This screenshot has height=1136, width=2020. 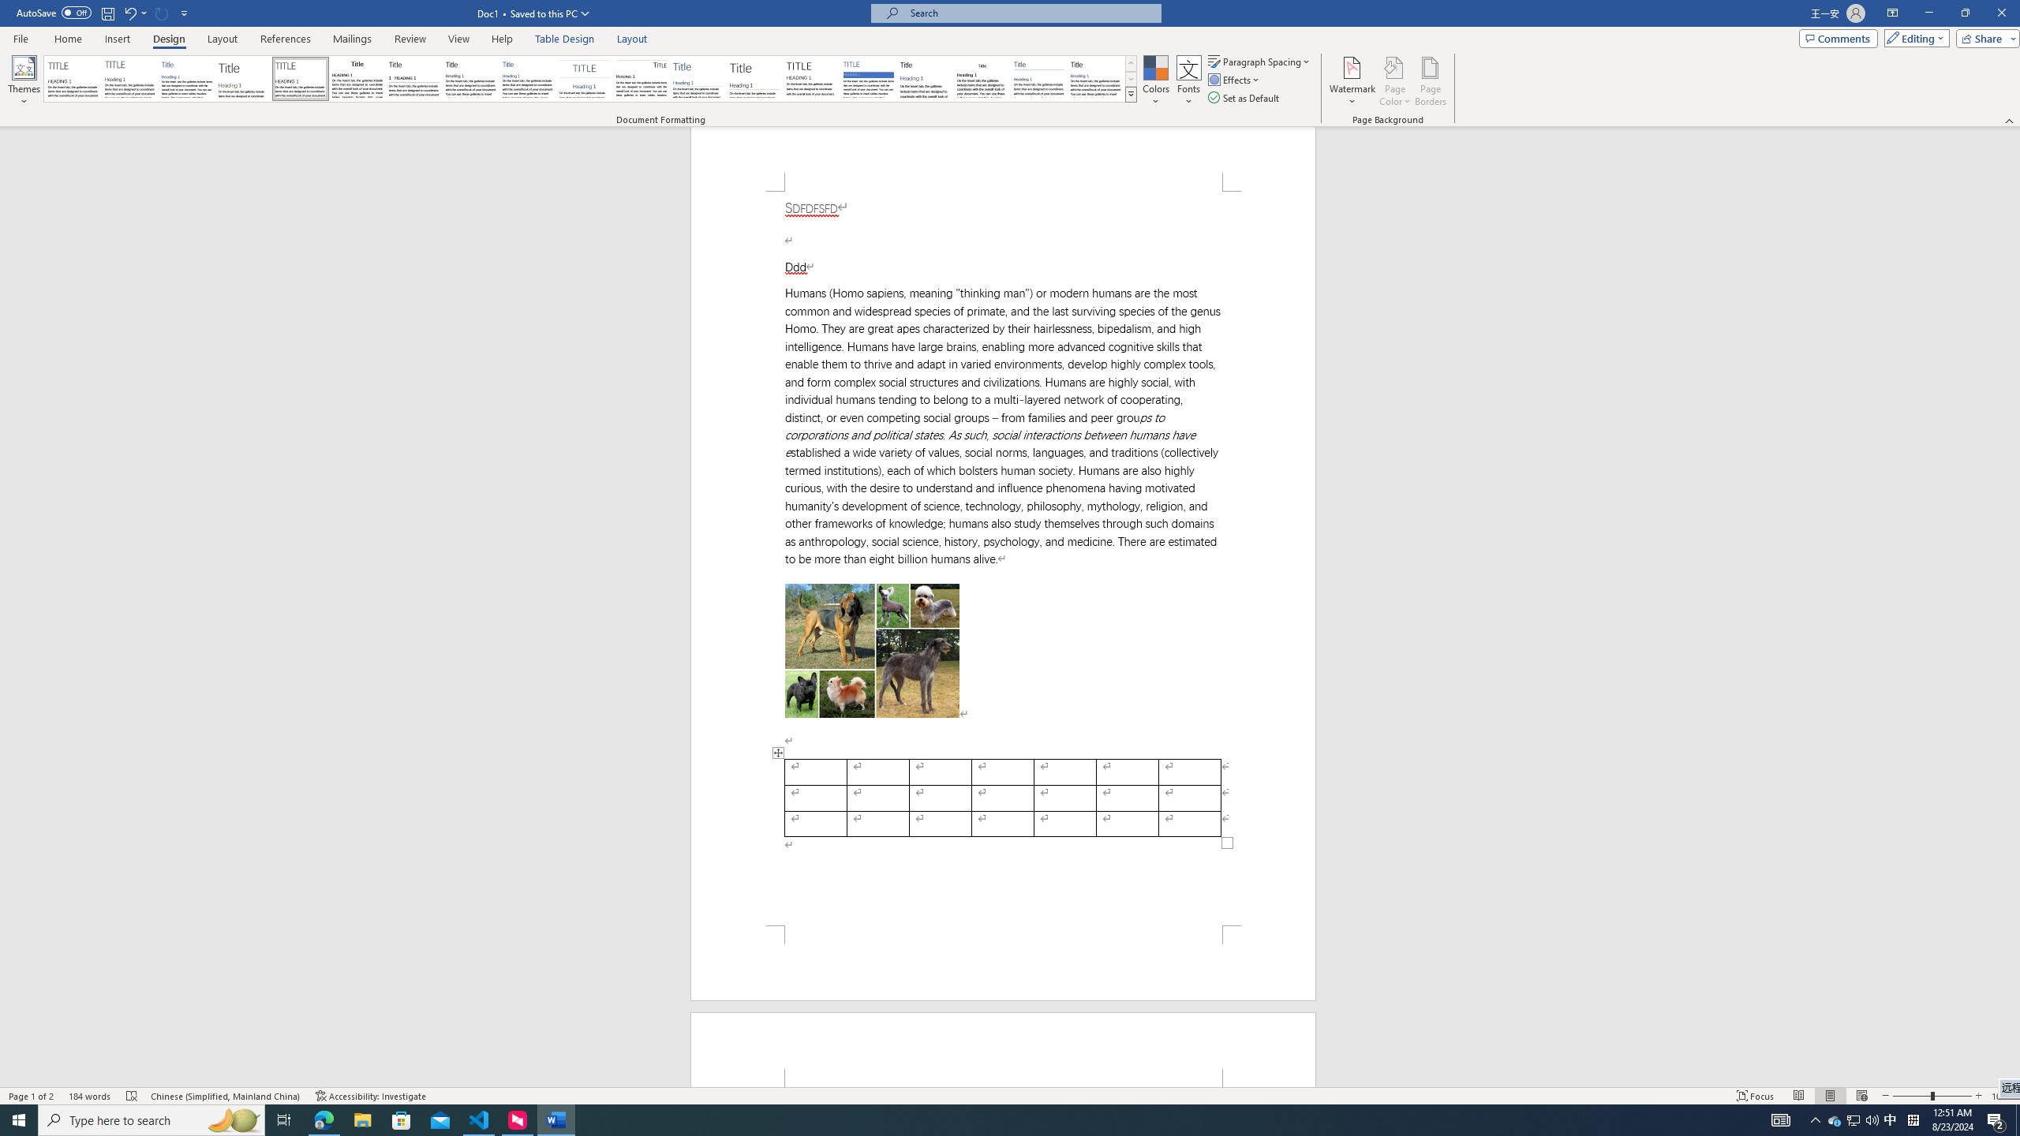 What do you see at coordinates (20, 37) in the screenshot?
I see `'File Tab'` at bounding box center [20, 37].